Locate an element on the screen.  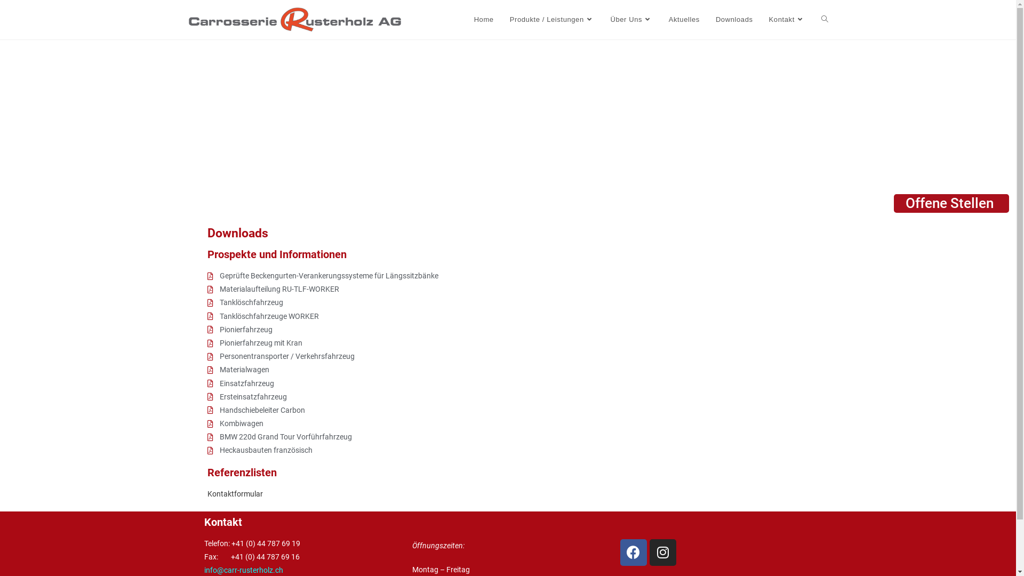
'Kontaktformular ' is located at coordinates (235, 493).